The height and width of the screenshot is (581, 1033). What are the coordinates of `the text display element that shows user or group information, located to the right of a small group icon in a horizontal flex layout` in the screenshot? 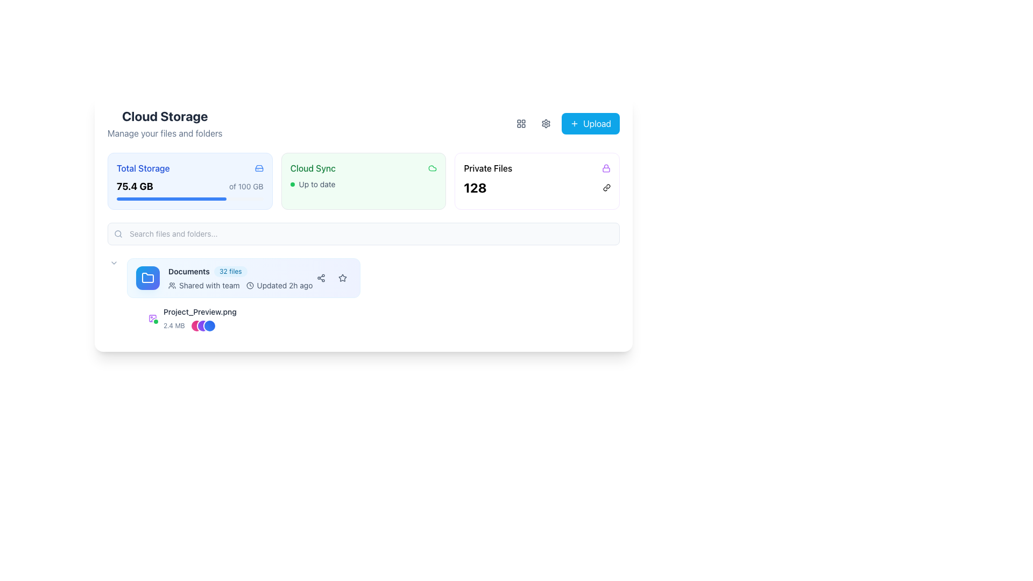 It's located at (166, 200).